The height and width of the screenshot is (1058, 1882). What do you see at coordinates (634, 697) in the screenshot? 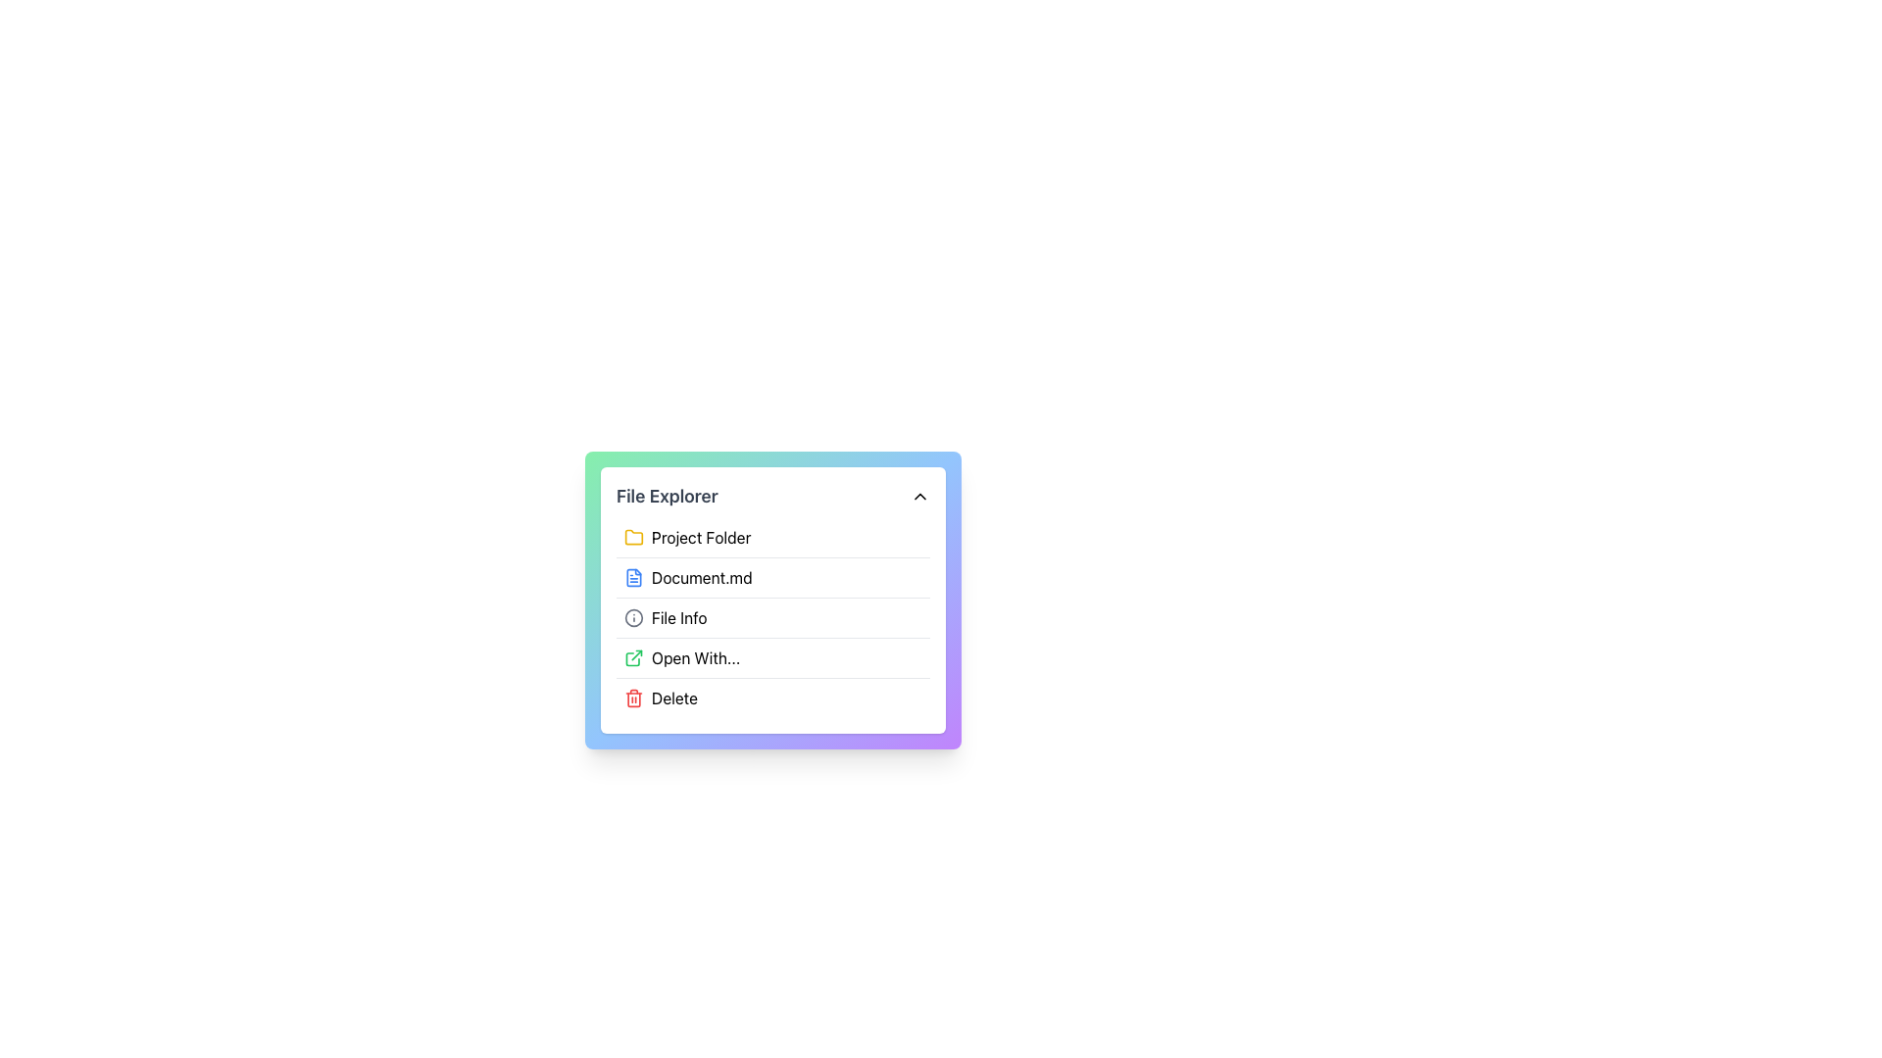
I see `the trash bin icon, which is a rounded rectangular outline representing the main body of the delete symbol in the context menu` at bounding box center [634, 697].